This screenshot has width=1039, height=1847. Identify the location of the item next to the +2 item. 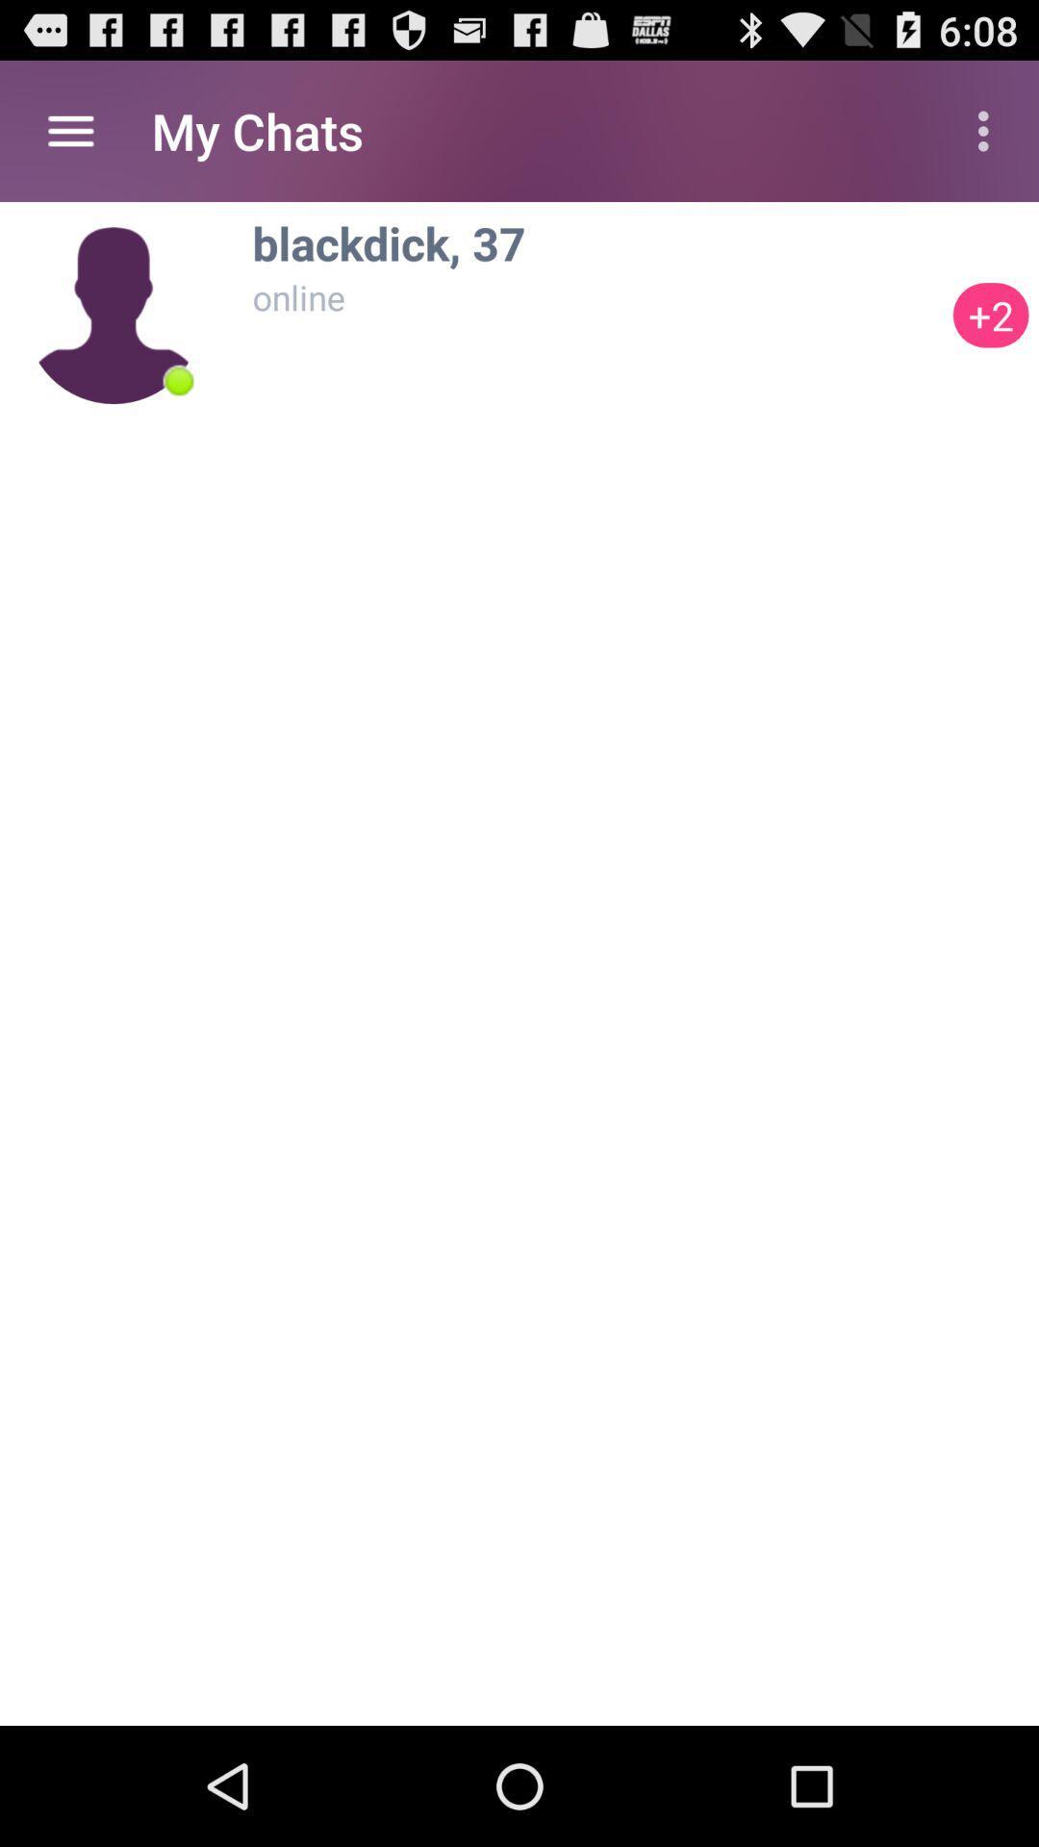
(596, 241).